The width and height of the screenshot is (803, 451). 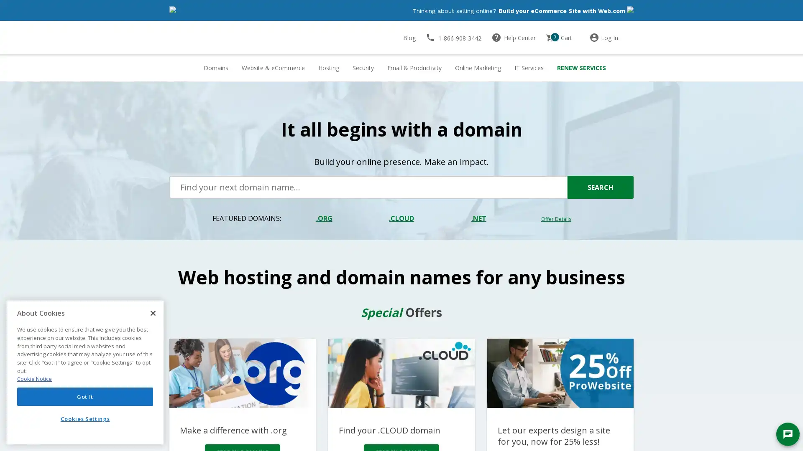 I want to click on Explore your accessibility options, so click(x=13, y=408).